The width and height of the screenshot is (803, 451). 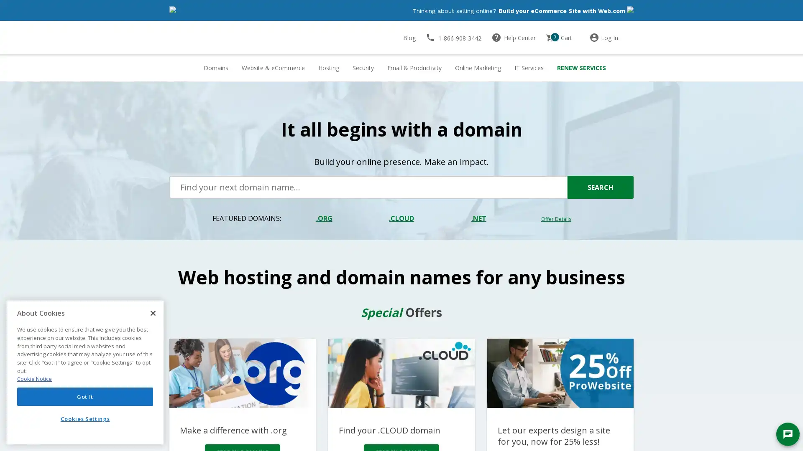 I want to click on Explore your accessibility options, so click(x=13, y=408).